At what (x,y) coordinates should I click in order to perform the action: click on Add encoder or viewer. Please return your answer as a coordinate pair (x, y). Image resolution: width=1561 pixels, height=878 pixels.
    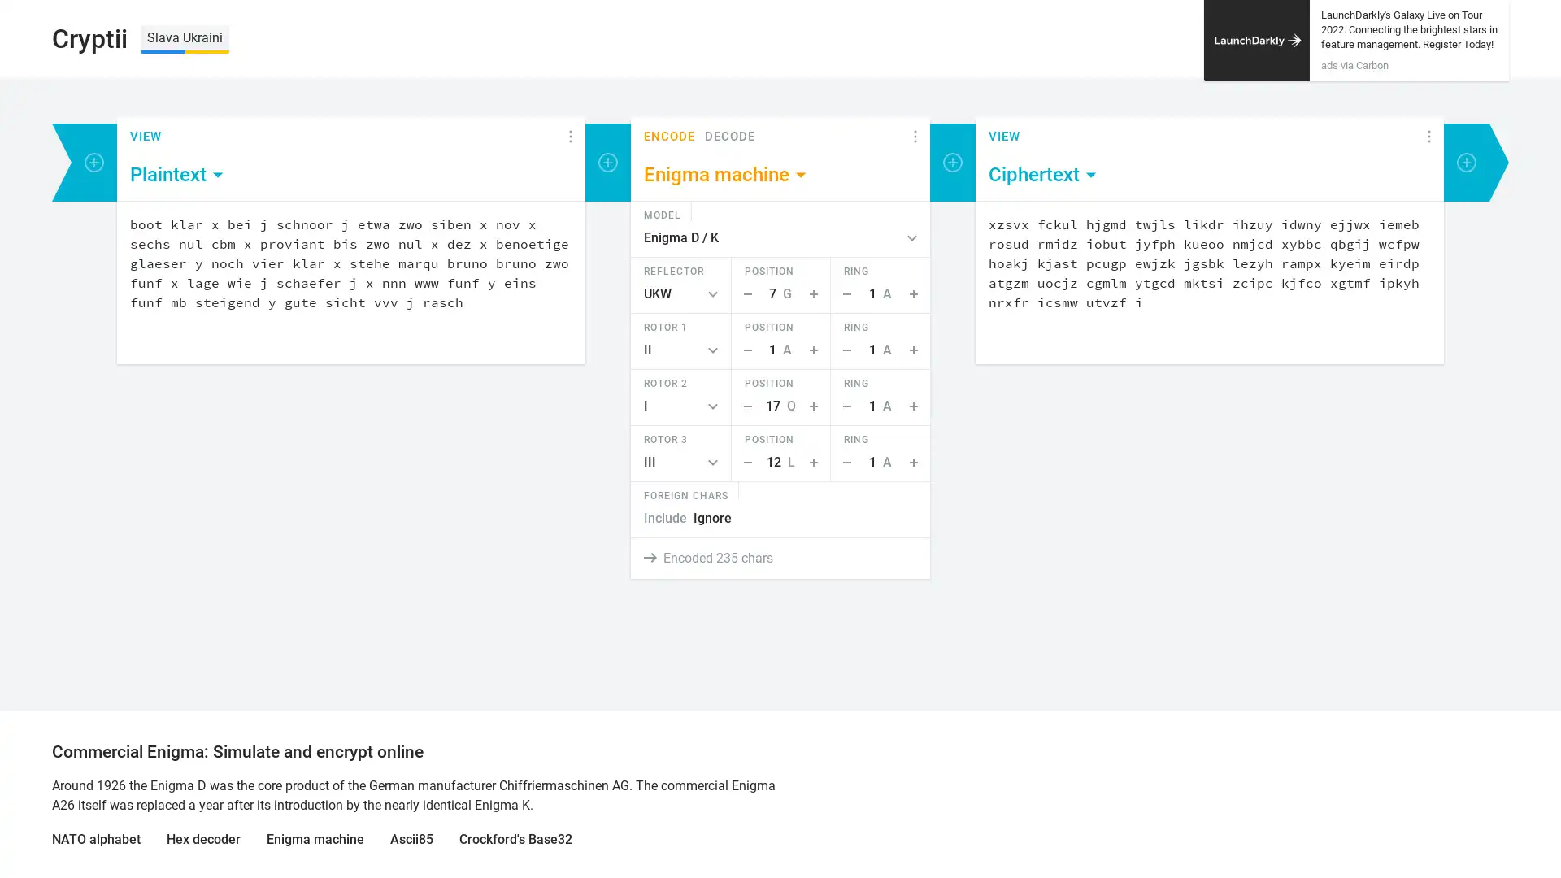
    Looking at the image, I should click on (952, 163).